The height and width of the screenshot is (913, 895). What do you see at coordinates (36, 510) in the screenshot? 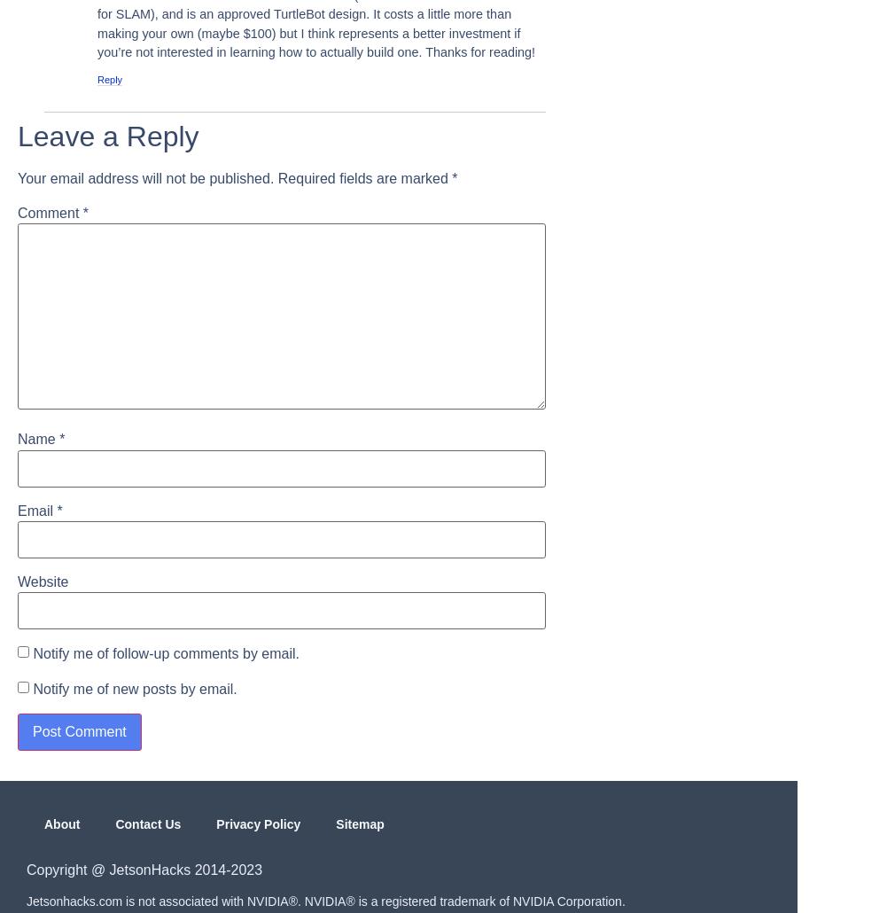
I see `'Email'` at bounding box center [36, 510].